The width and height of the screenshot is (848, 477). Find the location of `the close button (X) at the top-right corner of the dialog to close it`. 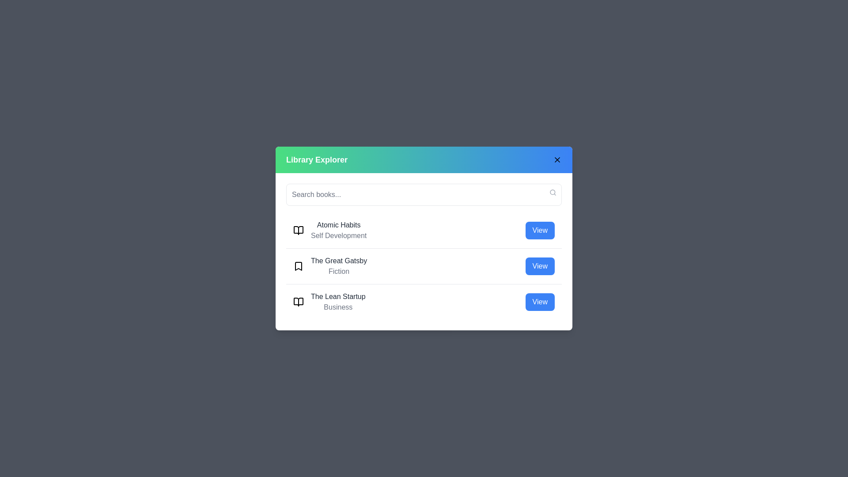

the close button (X) at the top-right corner of the dialog to close it is located at coordinates (557, 160).